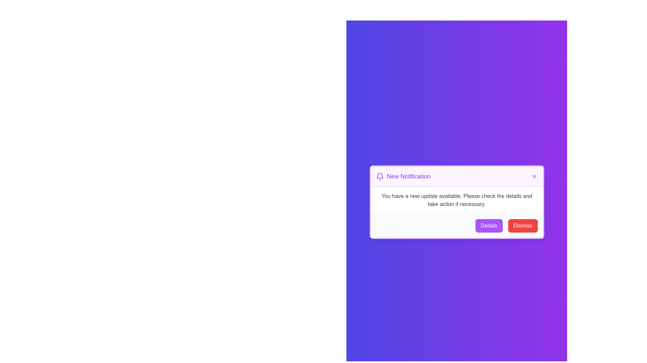 This screenshot has height=363, width=647. I want to click on the notification icon located to the far left of the text 'New Notification' in the notification bar, so click(380, 176).